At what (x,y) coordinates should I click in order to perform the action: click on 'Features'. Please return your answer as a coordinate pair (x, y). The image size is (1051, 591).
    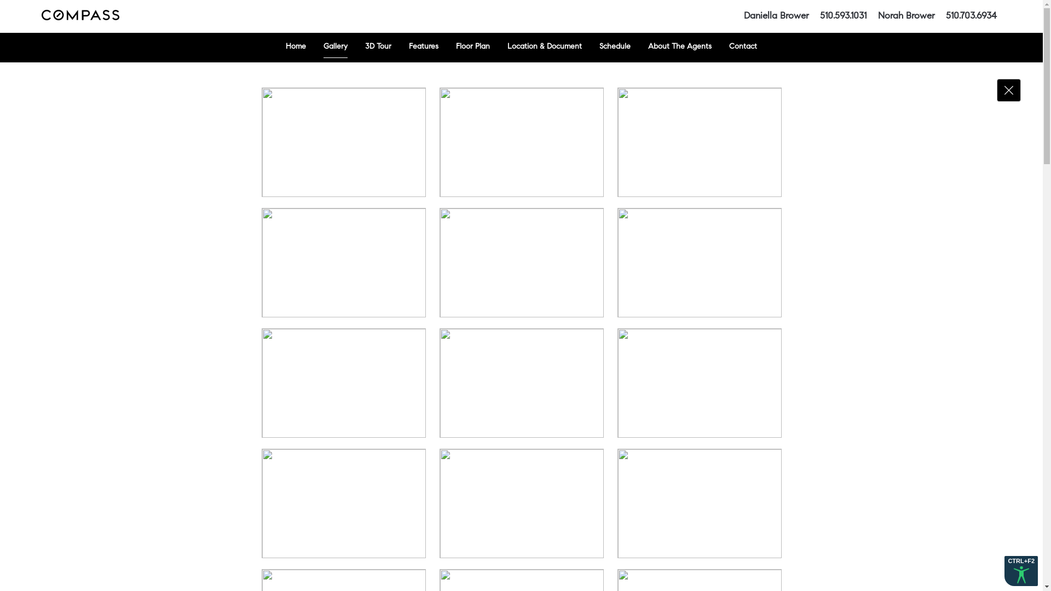
    Looking at the image, I should click on (423, 47).